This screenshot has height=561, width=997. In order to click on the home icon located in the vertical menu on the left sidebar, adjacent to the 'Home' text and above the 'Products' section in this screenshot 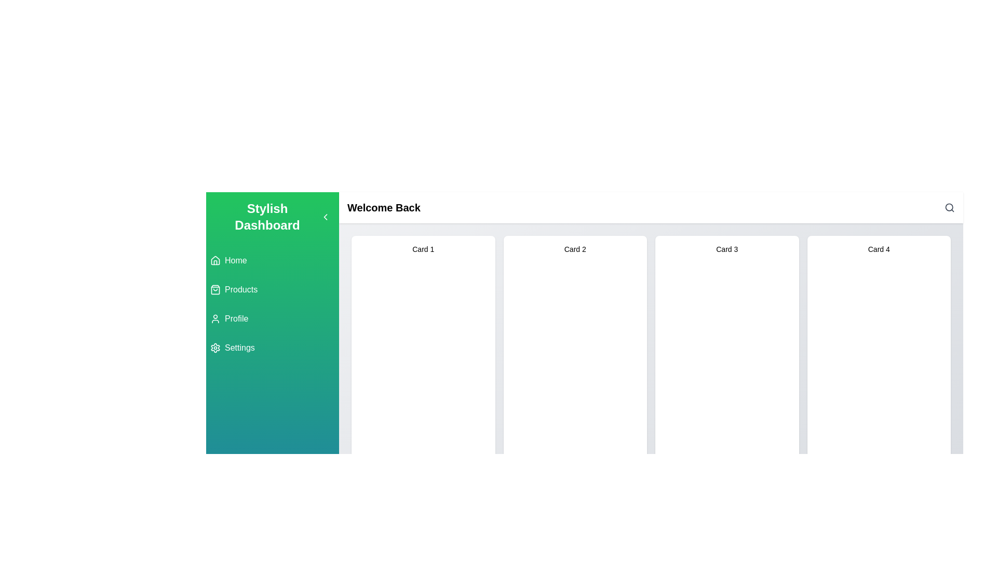, I will do `click(214, 260)`.